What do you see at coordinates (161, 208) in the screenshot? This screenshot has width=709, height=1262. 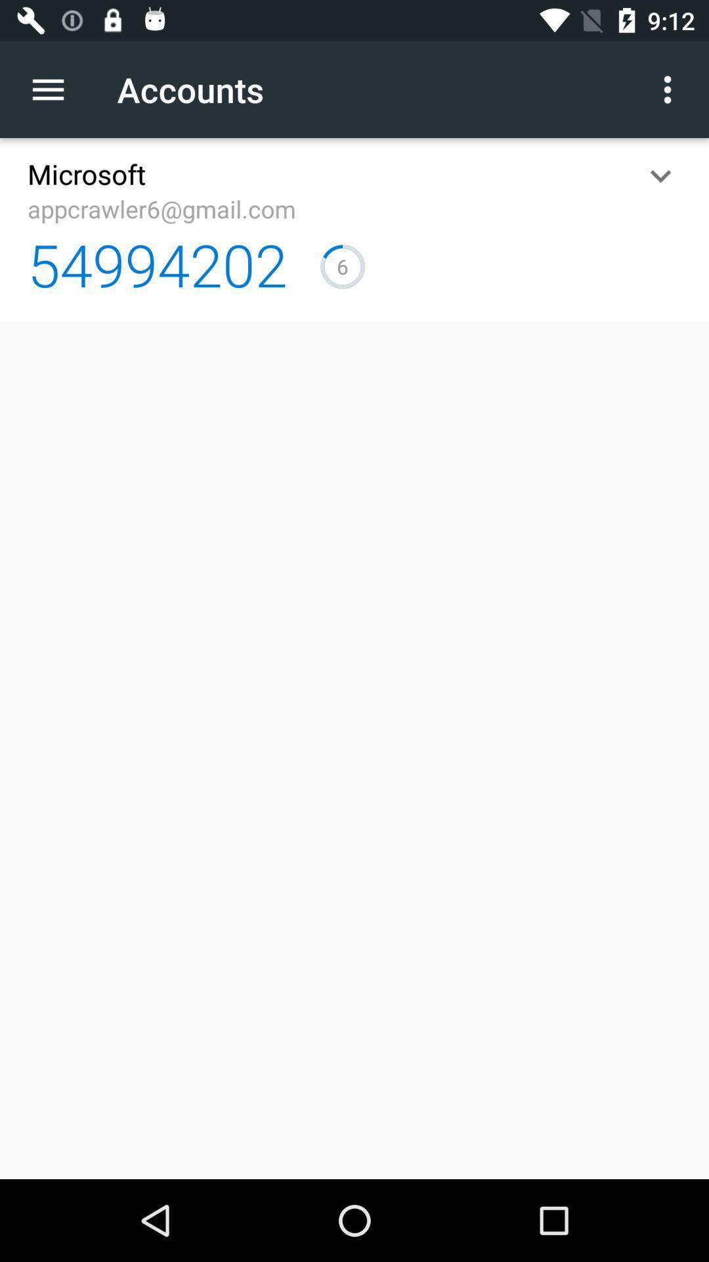 I see `the appcrawler6@gmail.com item` at bounding box center [161, 208].